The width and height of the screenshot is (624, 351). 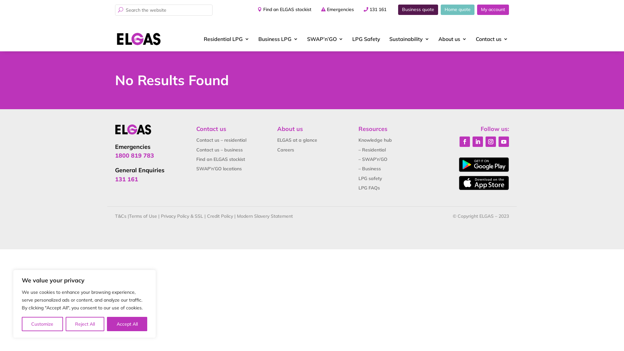 What do you see at coordinates (182, 216) in the screenshot?
I see `'Privacy Policy & SSL'` at bounding box center [182, 216].